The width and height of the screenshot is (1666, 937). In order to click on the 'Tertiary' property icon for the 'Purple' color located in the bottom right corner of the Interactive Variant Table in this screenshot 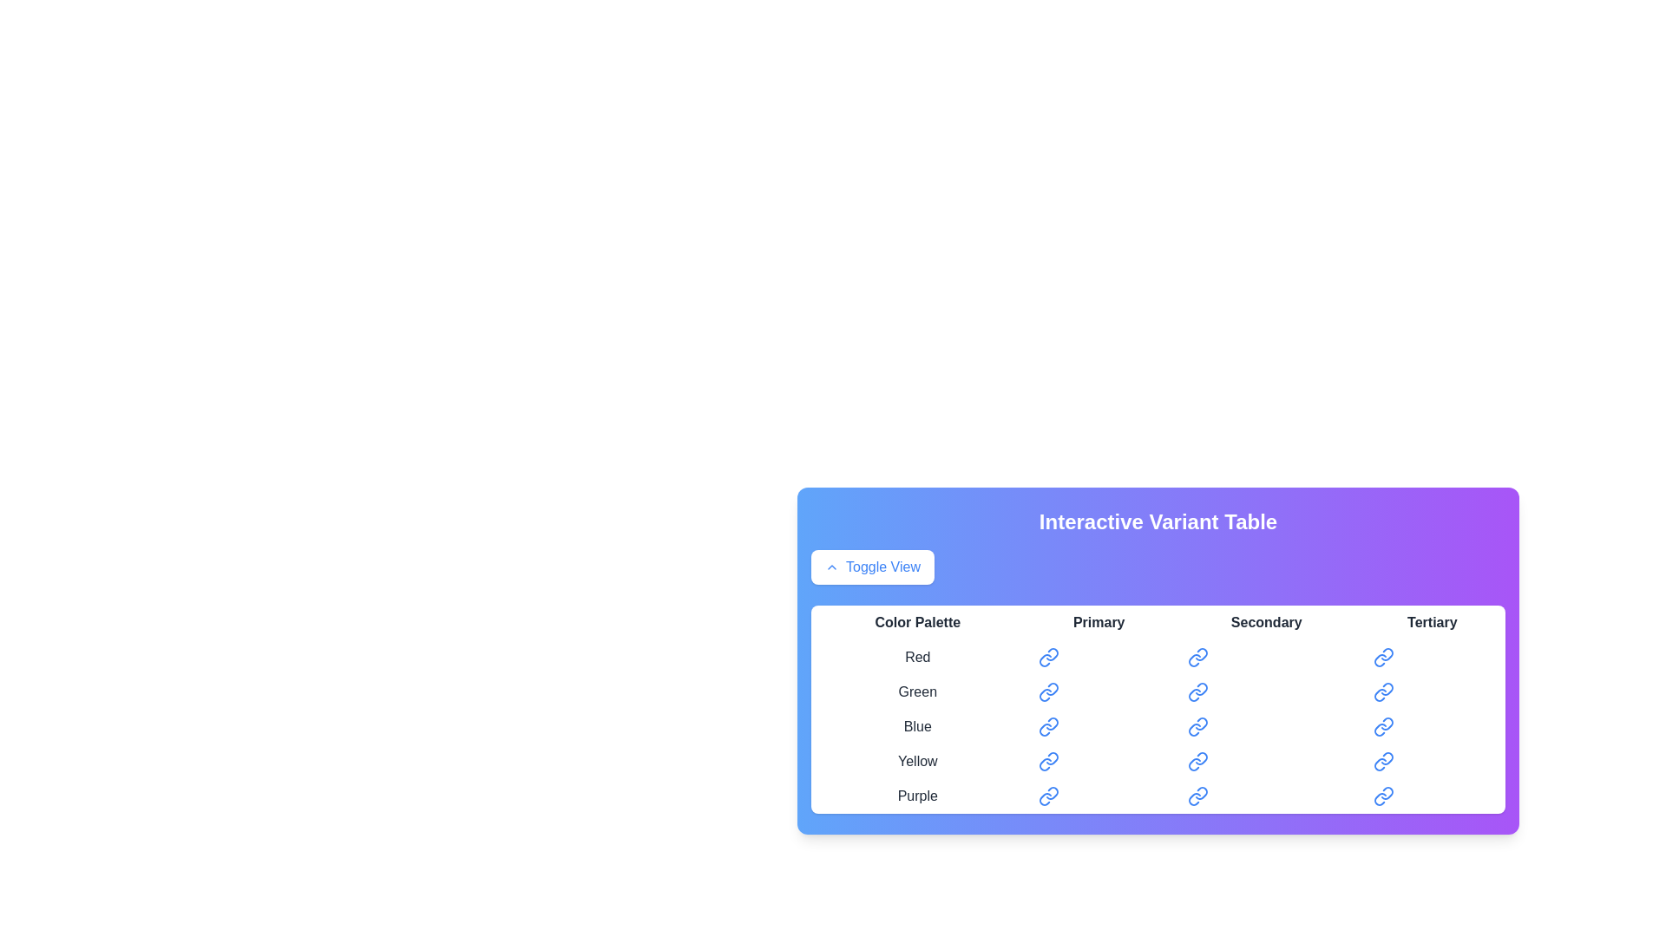, I will do `click(1386, 793)`.